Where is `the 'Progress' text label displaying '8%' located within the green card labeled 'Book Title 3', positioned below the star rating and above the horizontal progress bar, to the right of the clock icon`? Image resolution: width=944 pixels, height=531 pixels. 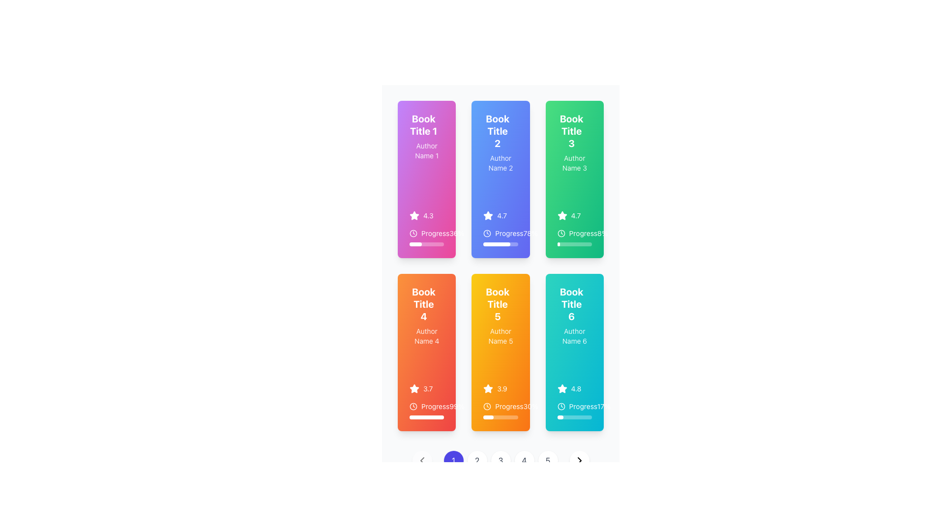
the 'Progress' text label displaying '8%' located within the green card labeled 'Book Title 3', positioned below the star rating and above the horizontal progress bar, to the right of the clock icon is located at coordinates (574, 233).